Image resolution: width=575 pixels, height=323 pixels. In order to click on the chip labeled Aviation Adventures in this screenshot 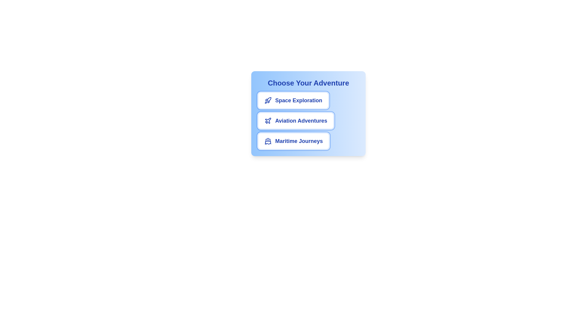, I will do `click(296, 121)`.